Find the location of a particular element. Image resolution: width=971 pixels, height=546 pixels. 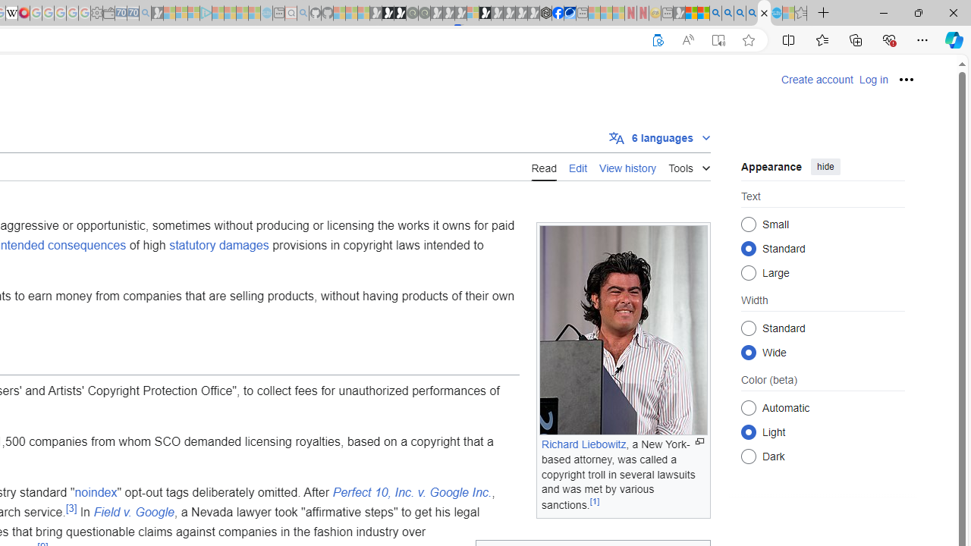

'Class: mw-list-item mw-list-item-js' is located at coordinates (822, 431).